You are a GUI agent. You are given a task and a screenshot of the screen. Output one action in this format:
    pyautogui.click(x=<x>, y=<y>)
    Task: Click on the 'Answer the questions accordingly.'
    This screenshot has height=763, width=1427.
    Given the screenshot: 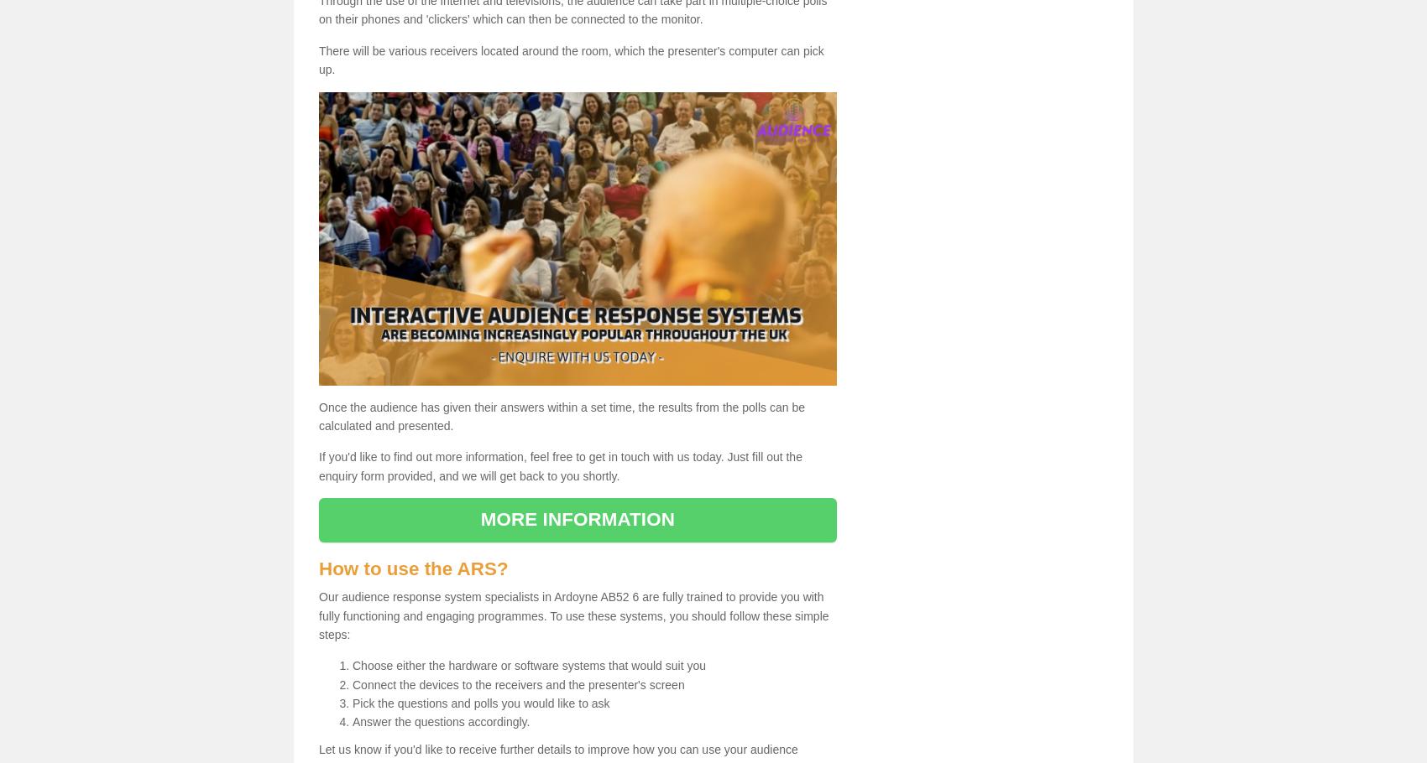 What is the action you would take?
    pyautogui.click(x=352, y=721)
    